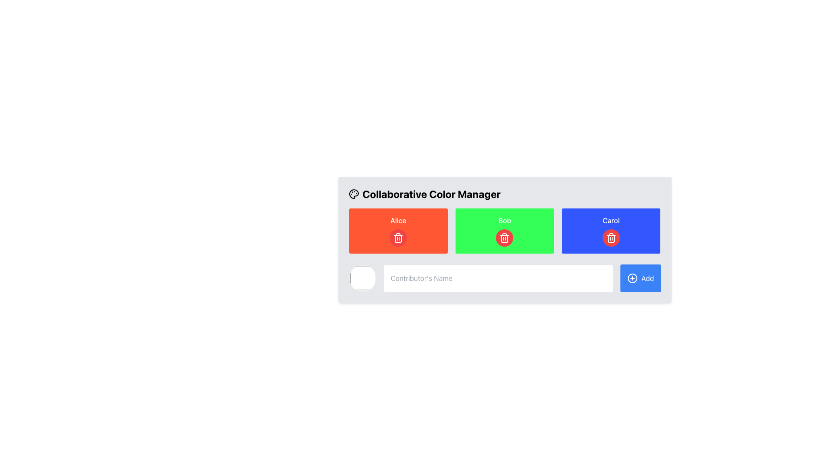 The image size is (833, 469). I want to click on the trash icon located in the red circular button at the bottom of the 'Alice' card, so click(398, 231).